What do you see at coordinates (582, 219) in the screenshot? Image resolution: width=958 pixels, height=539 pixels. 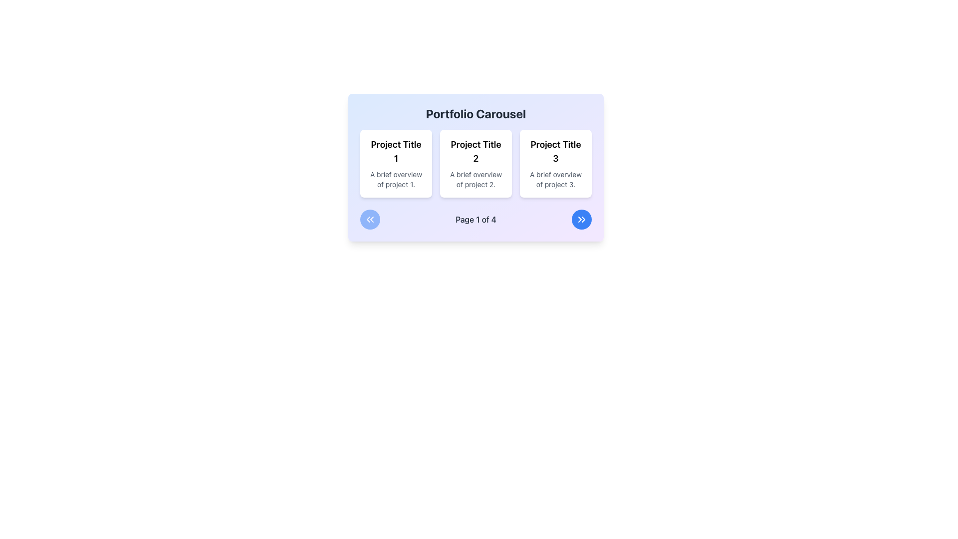 I see `the double-chevron right icon located inside the circular blue button at the bottom-right corner of the portfolio carousel interface` at bounding box center [582, 219].